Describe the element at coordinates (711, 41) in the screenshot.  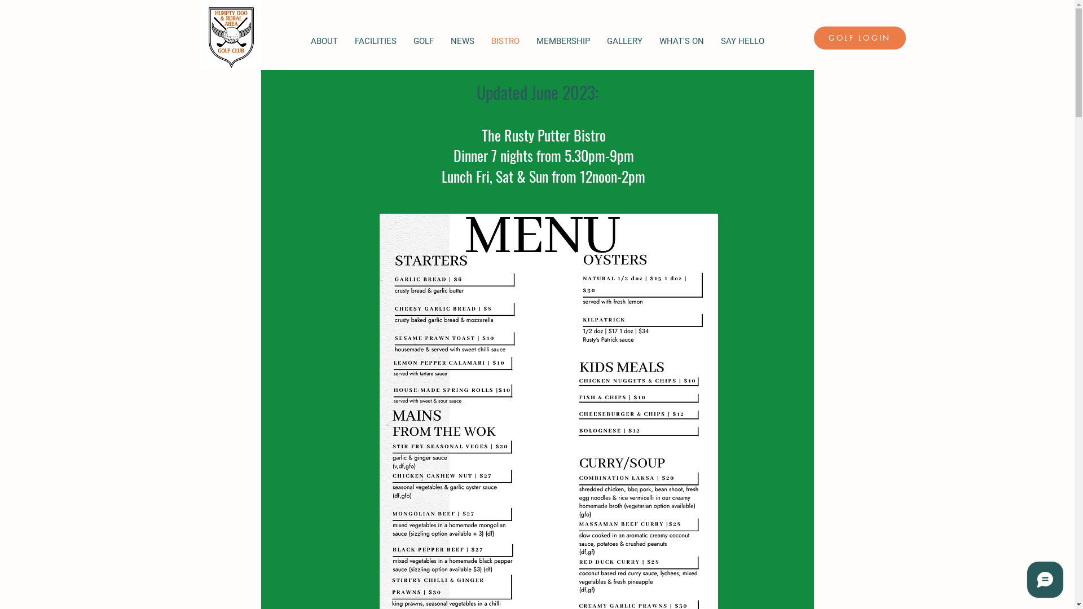
I see `'SAY HELLO'` at that location.